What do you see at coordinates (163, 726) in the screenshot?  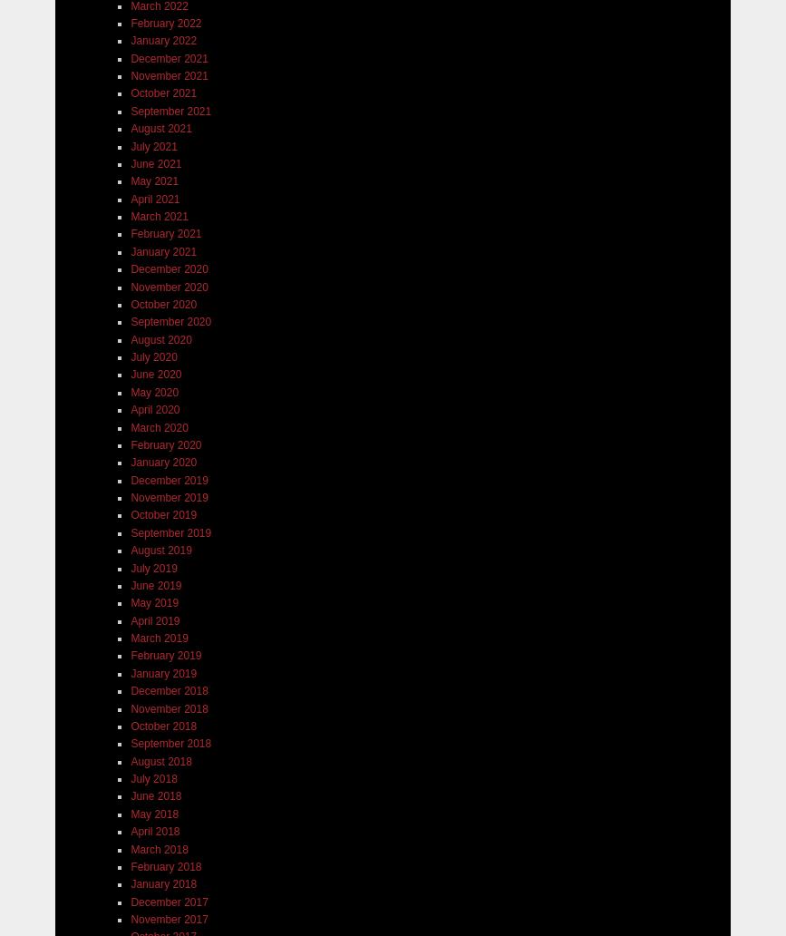 I see `'October 2018'` at bounding box center [163, 726].